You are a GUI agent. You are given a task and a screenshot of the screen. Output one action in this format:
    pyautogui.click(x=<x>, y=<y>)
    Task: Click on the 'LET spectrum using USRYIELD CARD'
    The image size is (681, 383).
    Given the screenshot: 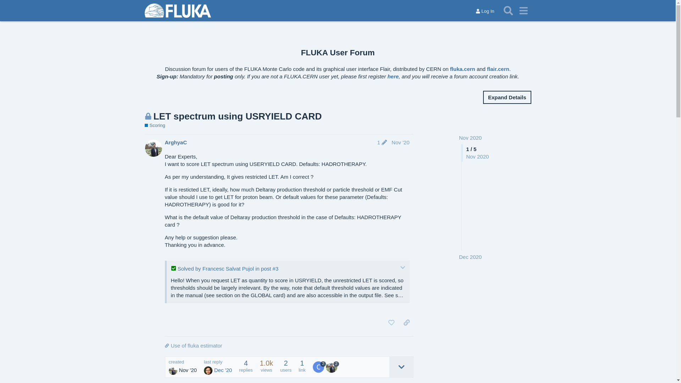 What is the action you would take?
    pyautogui.click(x=237, y=116)
    